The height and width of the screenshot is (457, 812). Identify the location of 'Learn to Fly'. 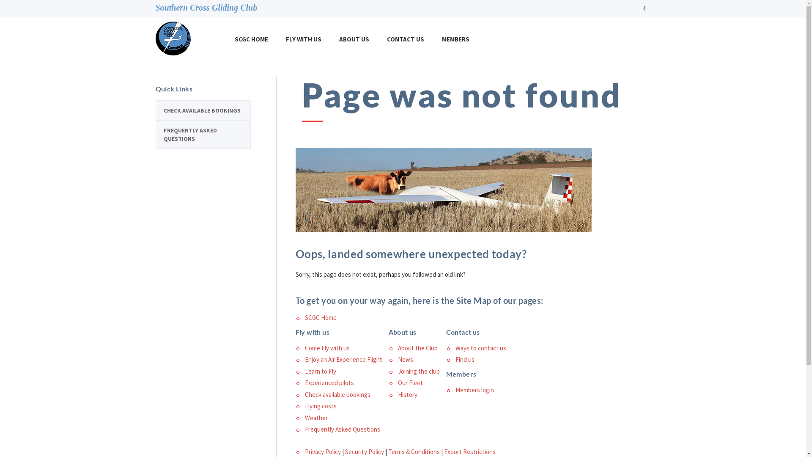
(320, 371).